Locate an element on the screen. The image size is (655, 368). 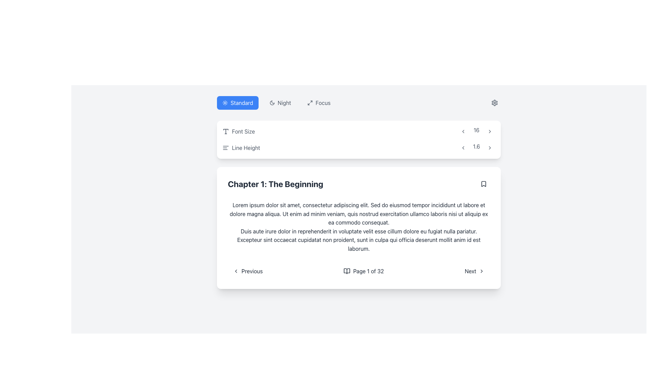
the text label 'Standard' which indicates the selected mode or option in the top-left section of the interface is located at coordinates (242, 103).